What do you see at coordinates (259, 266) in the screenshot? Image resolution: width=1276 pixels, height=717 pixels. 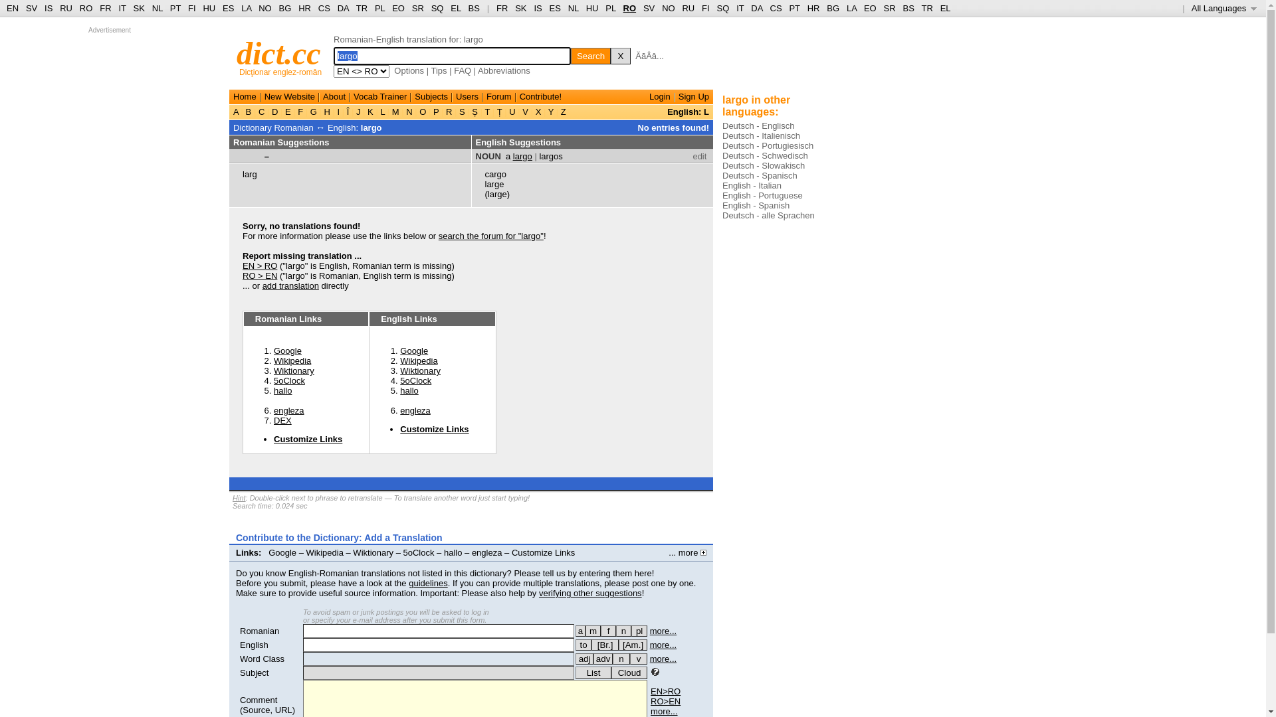 I see `'EN > RO'` at bounding box center [259, 266].